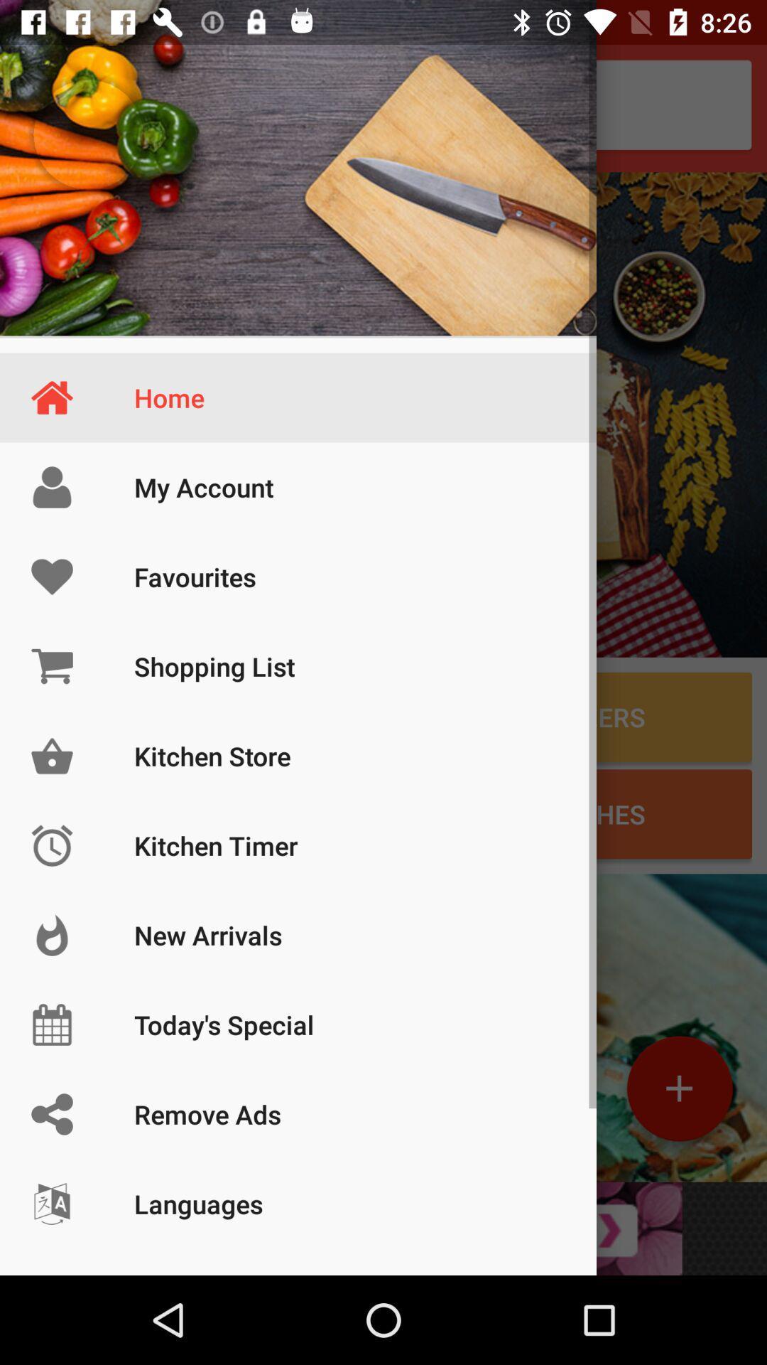 The height and width of the screenshot is (1365, 767). What do you see at coordinates (678, 1093) in the screenshot?
I see `the add icon` at bounding box center [678, 1093].